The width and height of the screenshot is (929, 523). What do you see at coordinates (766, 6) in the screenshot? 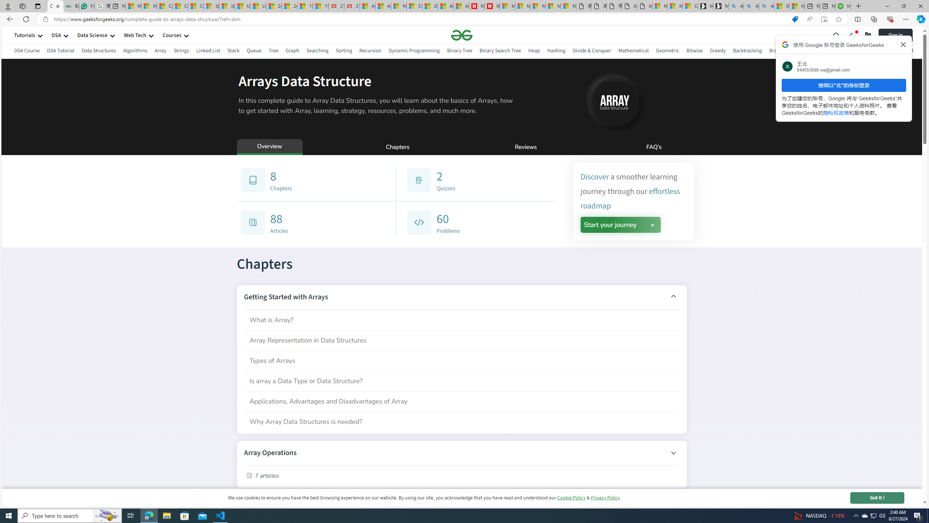
I see `'Alabama high school quarterback dies - Search Videos'` at bounding box center [766, 6].